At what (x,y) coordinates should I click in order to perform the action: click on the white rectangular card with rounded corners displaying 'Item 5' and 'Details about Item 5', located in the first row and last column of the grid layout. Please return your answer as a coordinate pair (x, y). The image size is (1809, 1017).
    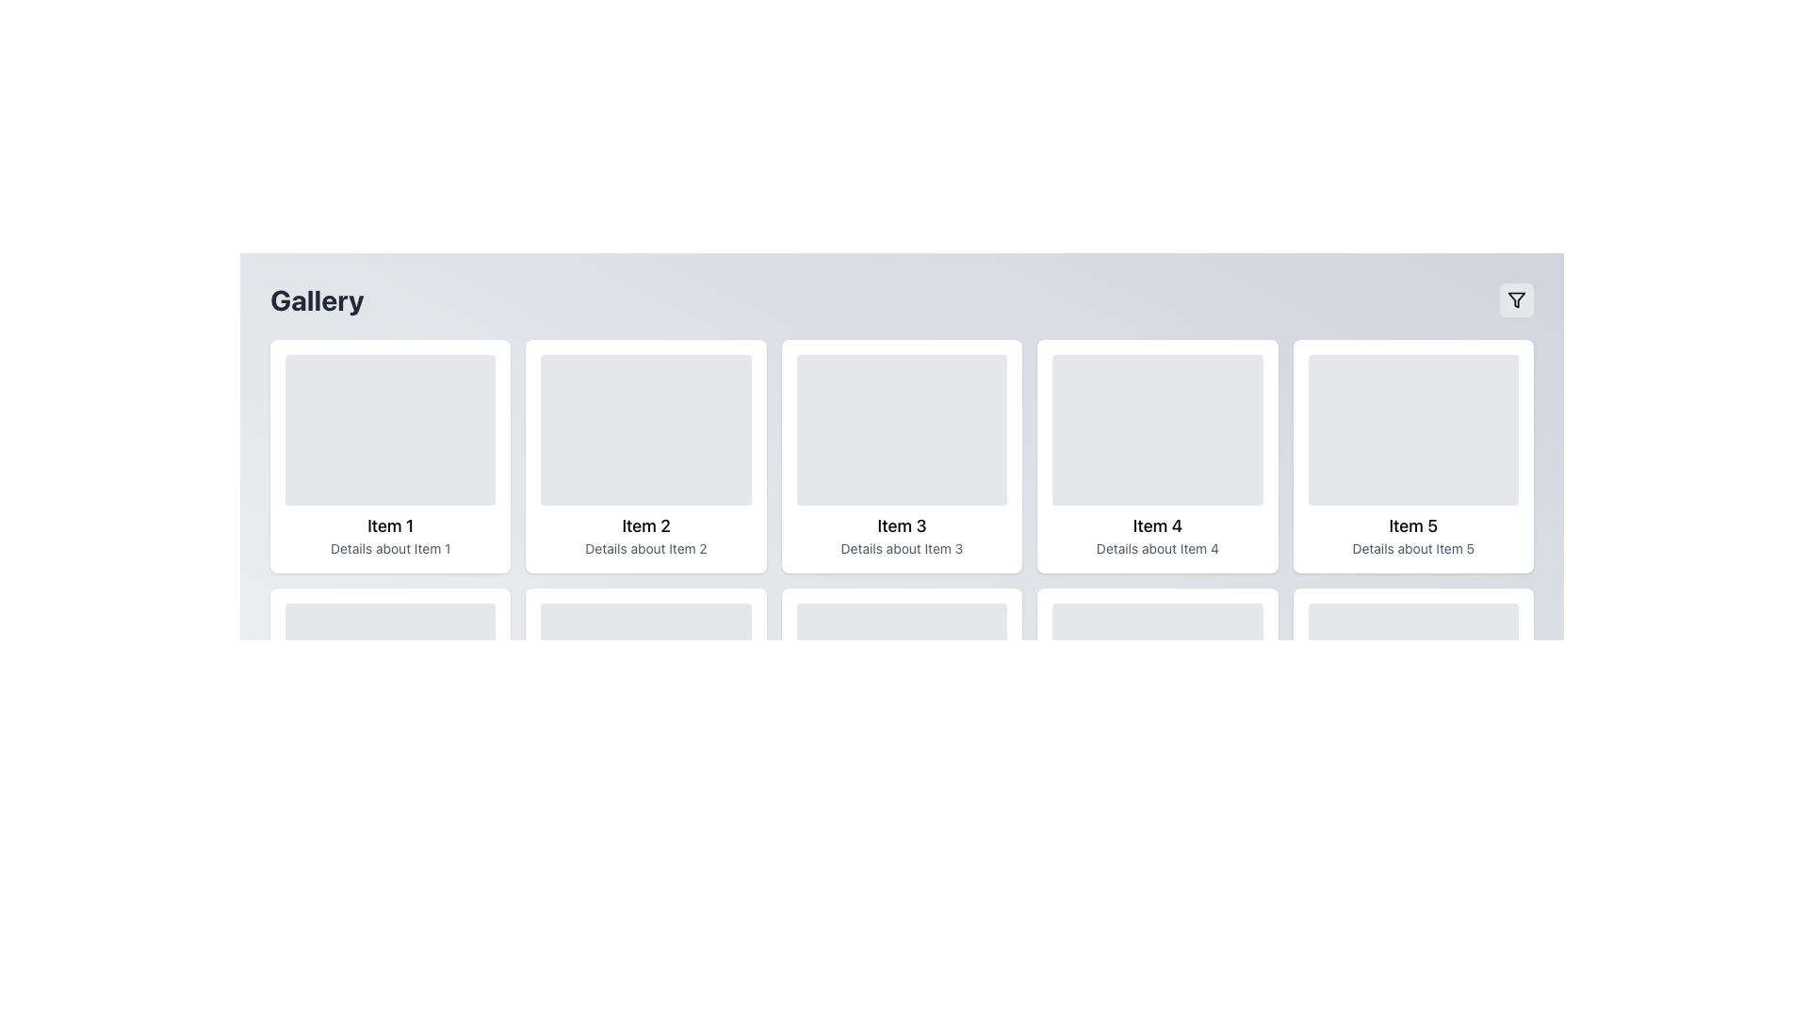
    Looking at the image, I should click on (1413, 457).